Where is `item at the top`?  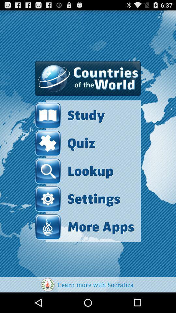 item at the top is located at coordinates (88, 78).